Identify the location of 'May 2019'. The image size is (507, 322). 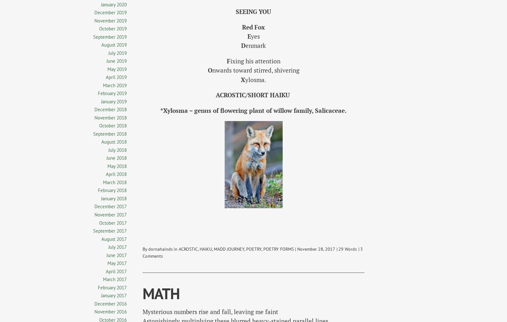
(107, 69).